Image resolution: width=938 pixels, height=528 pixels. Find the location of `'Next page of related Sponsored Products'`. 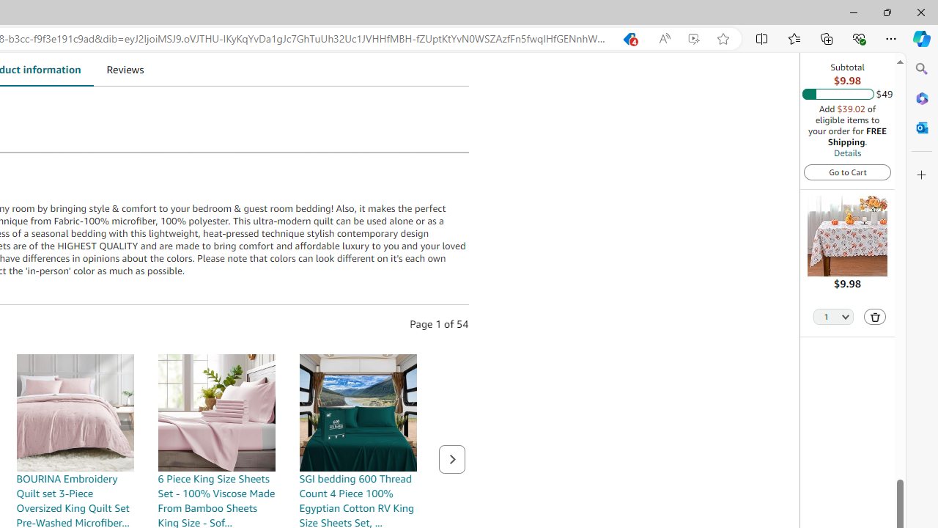

'Next page of related Sponsored Products' is located at coordinates (451, 458).